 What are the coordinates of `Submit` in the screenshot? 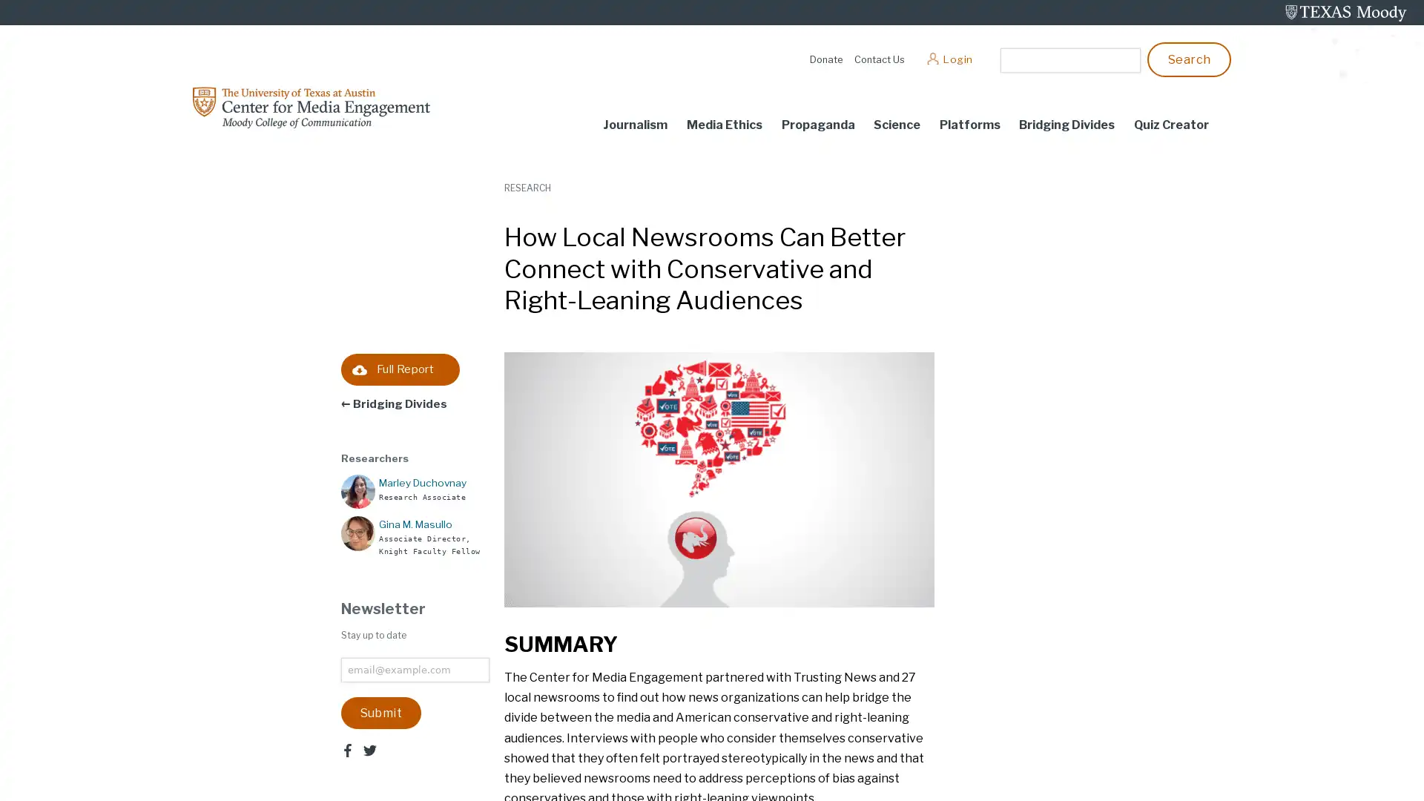 It's located at (380, 711).